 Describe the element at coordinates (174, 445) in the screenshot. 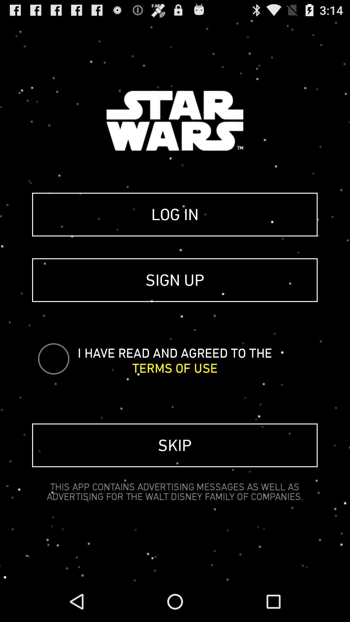

I see `icon below the terms of use item` at that location.